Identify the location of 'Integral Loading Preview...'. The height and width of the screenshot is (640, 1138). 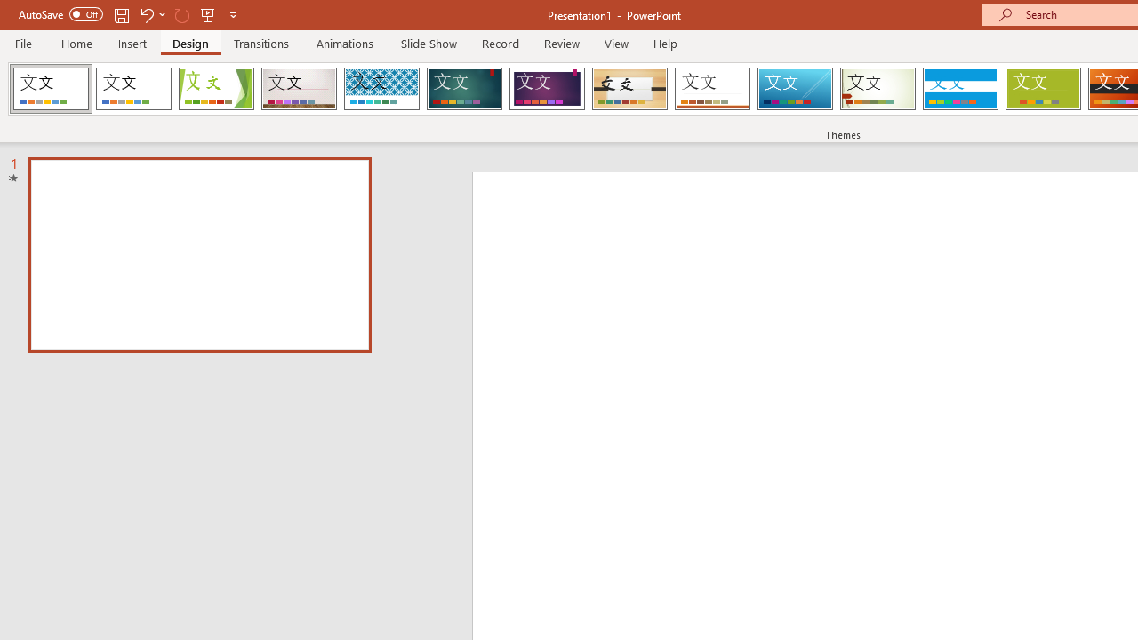
(381, 89).